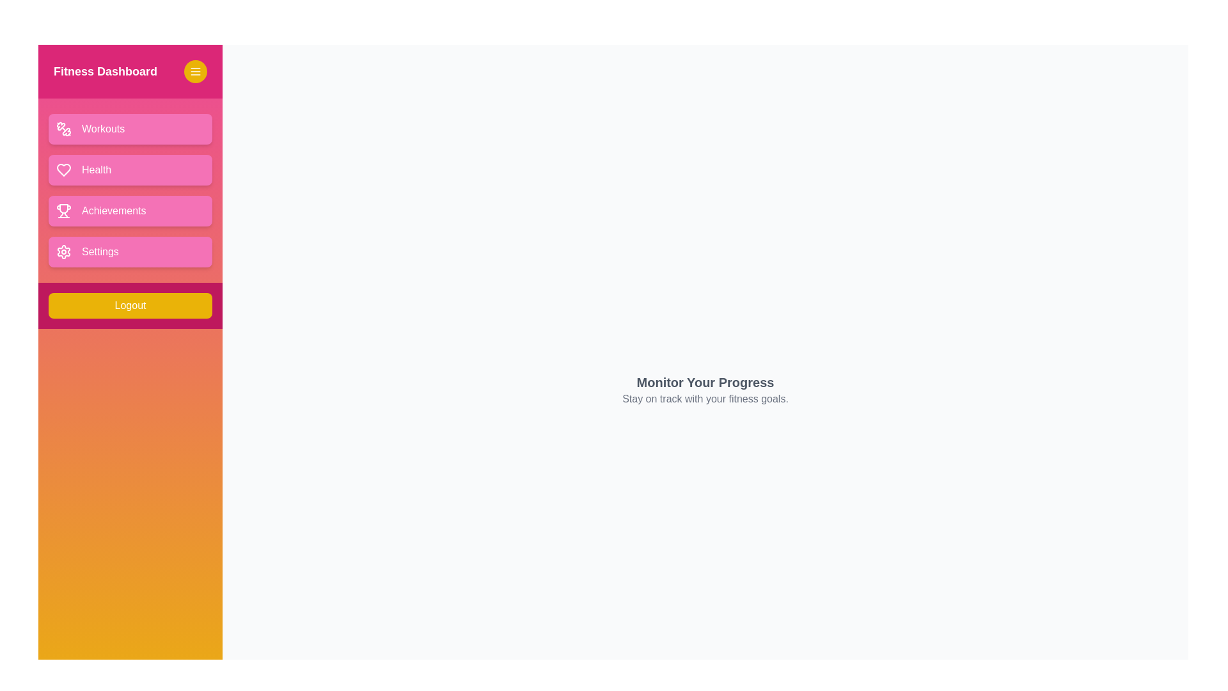 This screenshot has width=1228, height=691. I want to click on the 'Monitor Your Progress' text to select it, so click(705, 381).